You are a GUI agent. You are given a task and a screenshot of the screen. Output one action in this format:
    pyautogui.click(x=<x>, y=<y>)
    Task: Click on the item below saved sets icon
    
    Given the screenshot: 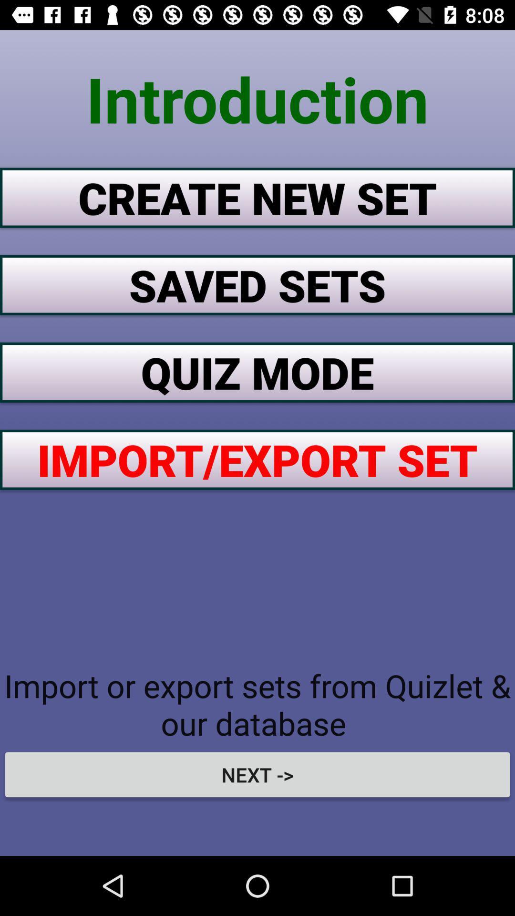 What is the action you would take?
    pyautogui.click(x=257, y=372)
    